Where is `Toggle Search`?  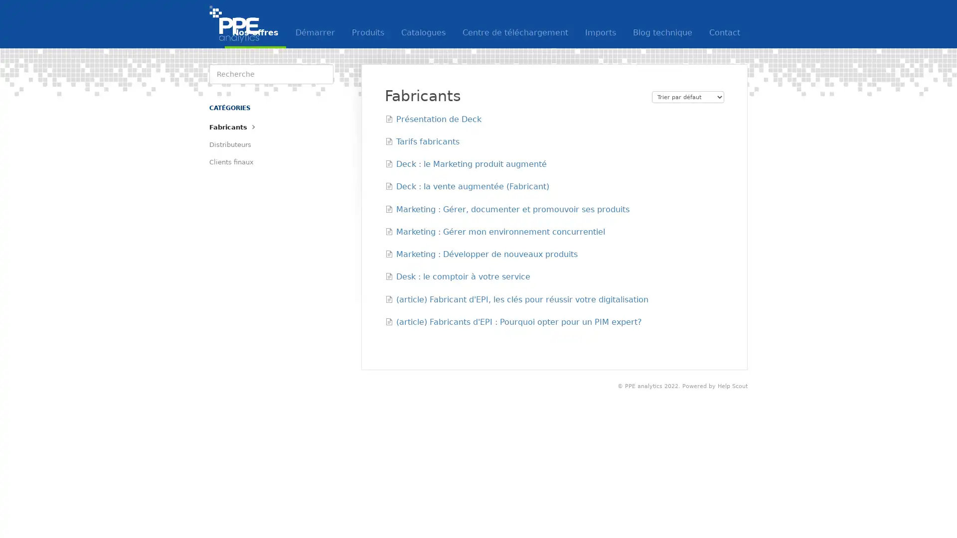
Toggle Search is located at coordinates (323, 74).